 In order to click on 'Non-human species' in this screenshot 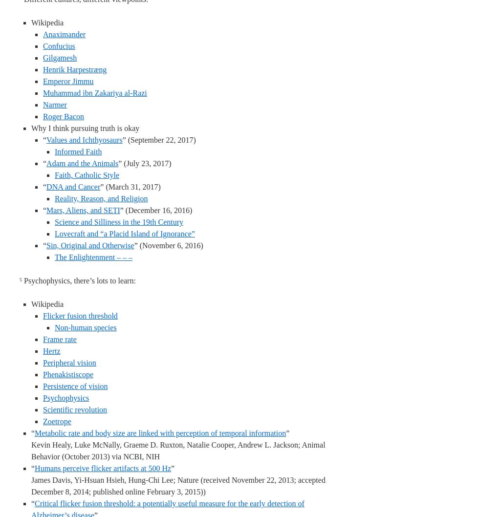, I will do `click(86, 327)`.